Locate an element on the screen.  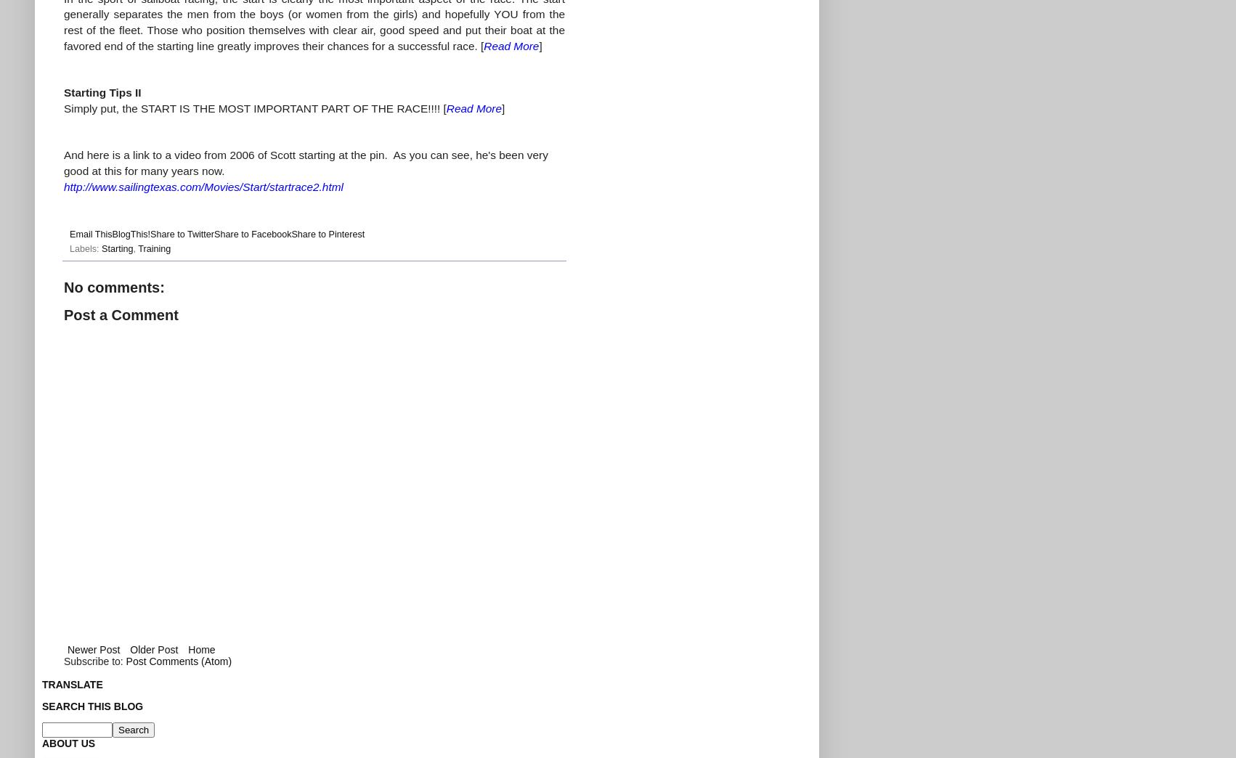
'Starting Tips II' is located at coordinates (63, 92).